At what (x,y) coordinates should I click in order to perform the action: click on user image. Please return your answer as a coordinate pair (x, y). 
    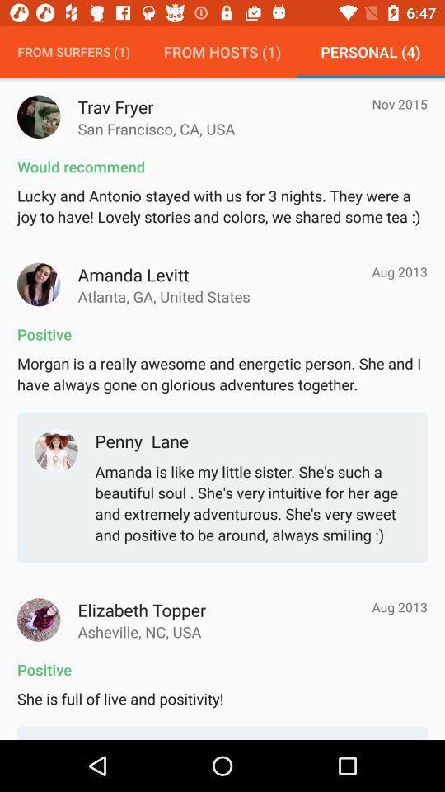
    Looking at the image, I should click on (39, 115).